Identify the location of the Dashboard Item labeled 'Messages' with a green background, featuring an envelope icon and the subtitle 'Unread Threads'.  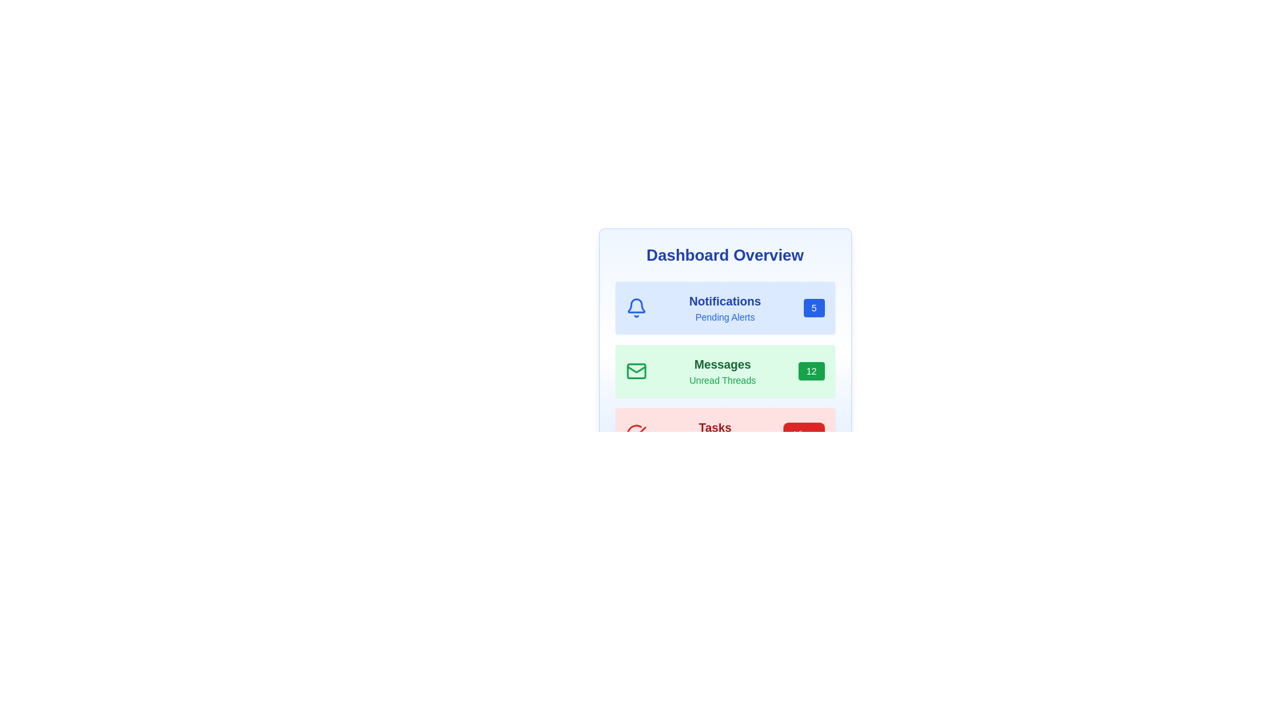
(724, 371).